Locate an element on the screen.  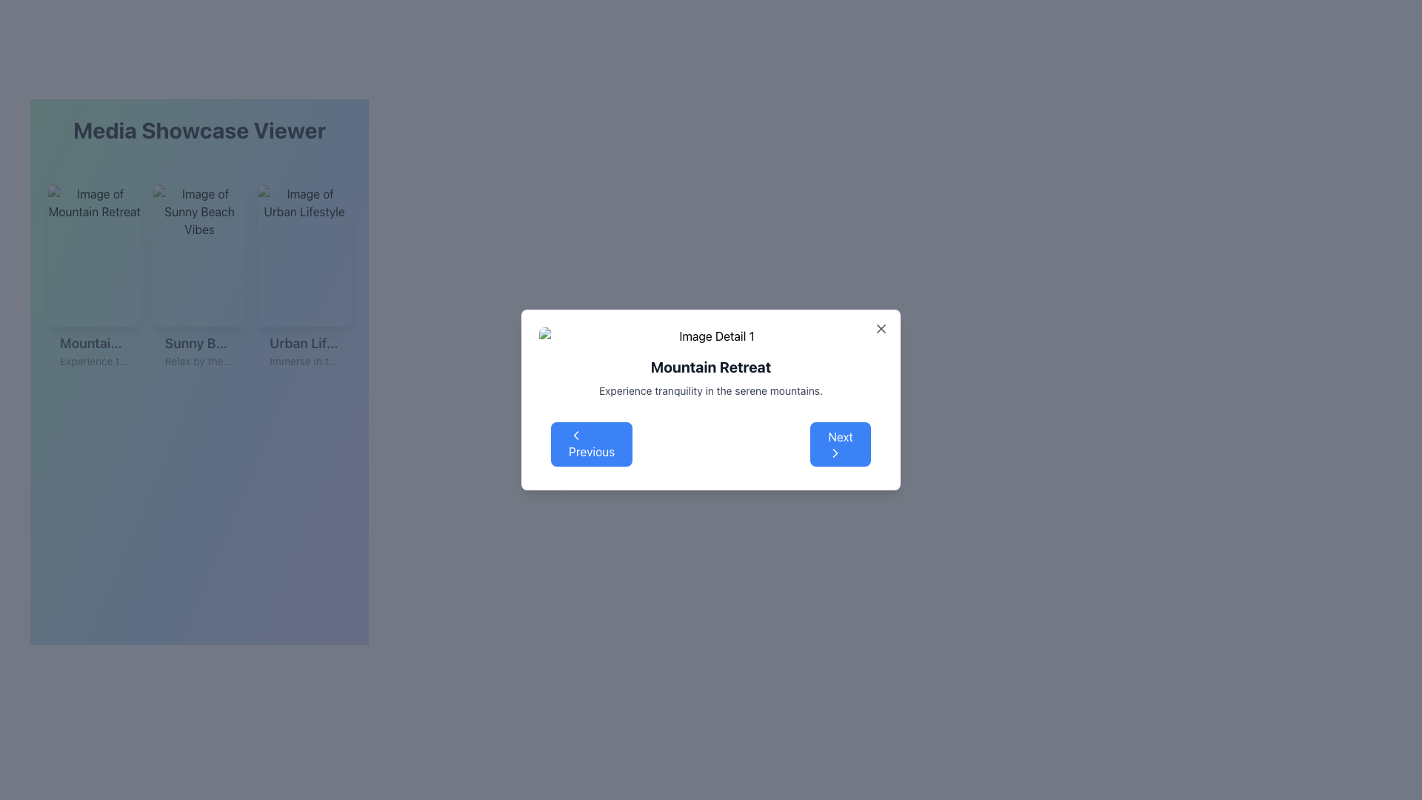
the bold blue 'Next' button with rounded corners, which contains white text and a rightward arrow icon is located at coordinates (841, 444).